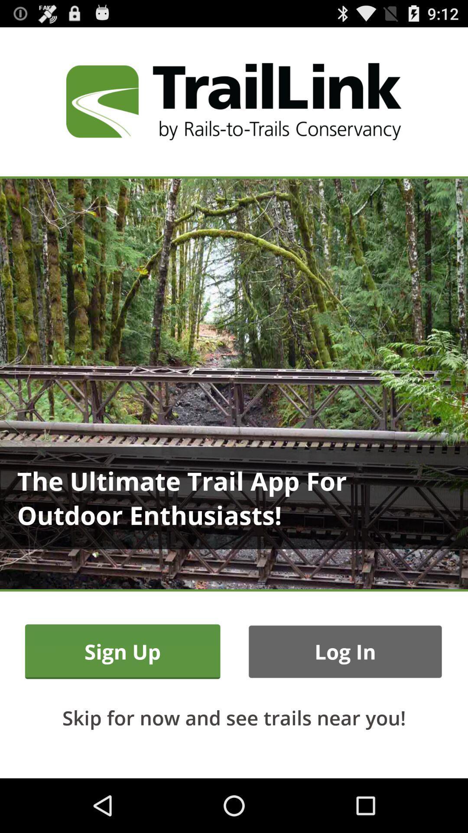  I want to click on the icon above the skip for now icon, so click(344, 652).